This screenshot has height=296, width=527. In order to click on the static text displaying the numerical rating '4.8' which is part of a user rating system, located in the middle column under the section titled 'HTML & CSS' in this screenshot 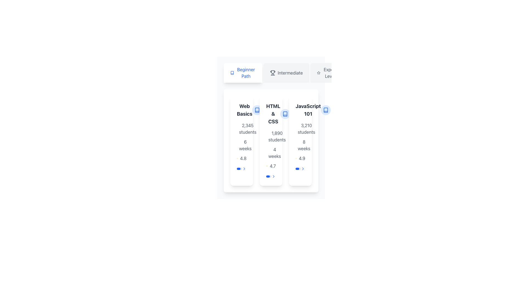, I will do `click(243, 158)`.